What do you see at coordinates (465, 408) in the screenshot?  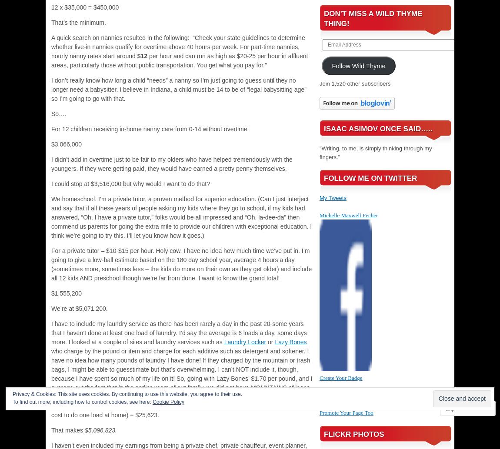 I see `'Follow'` at bounding box center [465, 408].